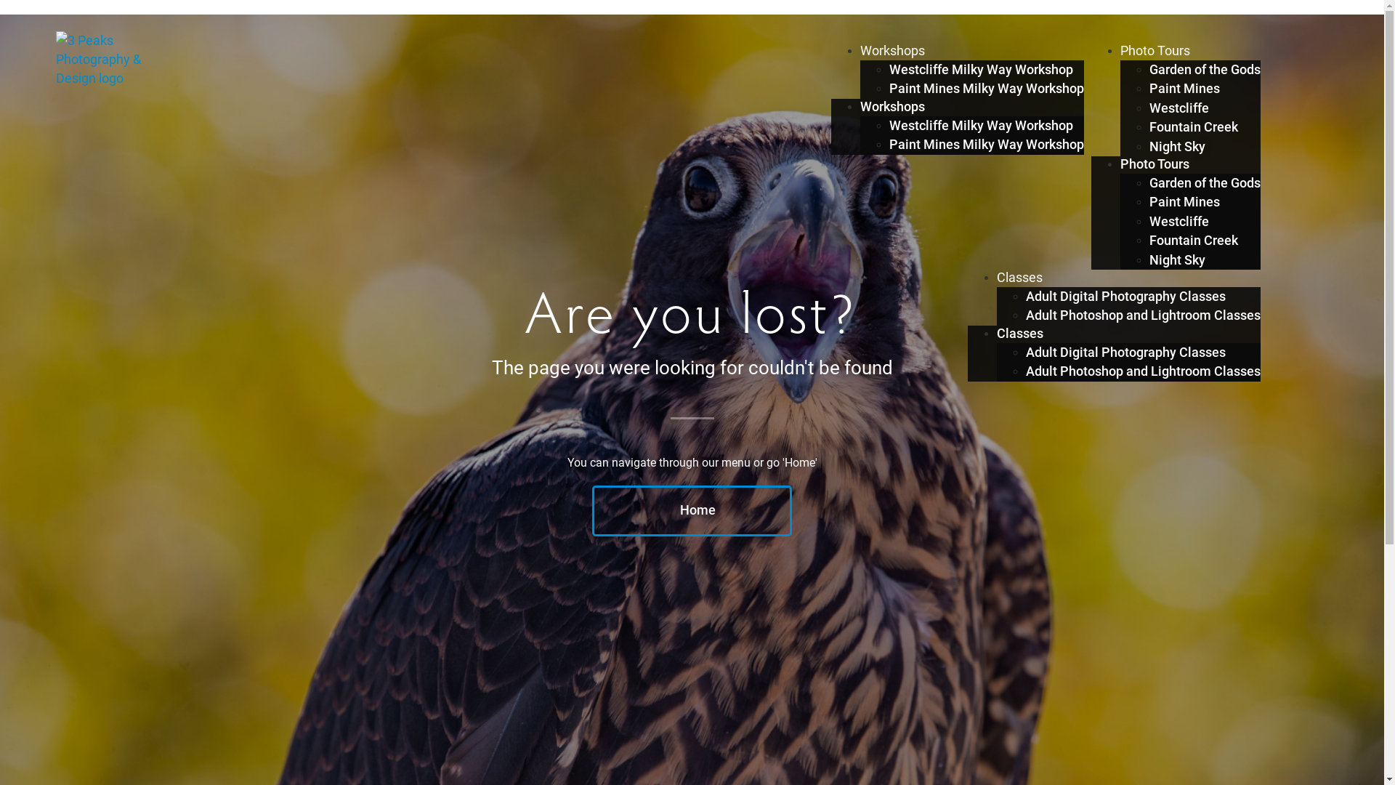 This screenshot has width=1395, height=785. I want to click on 'Photo Tours', so click(1154, 164).